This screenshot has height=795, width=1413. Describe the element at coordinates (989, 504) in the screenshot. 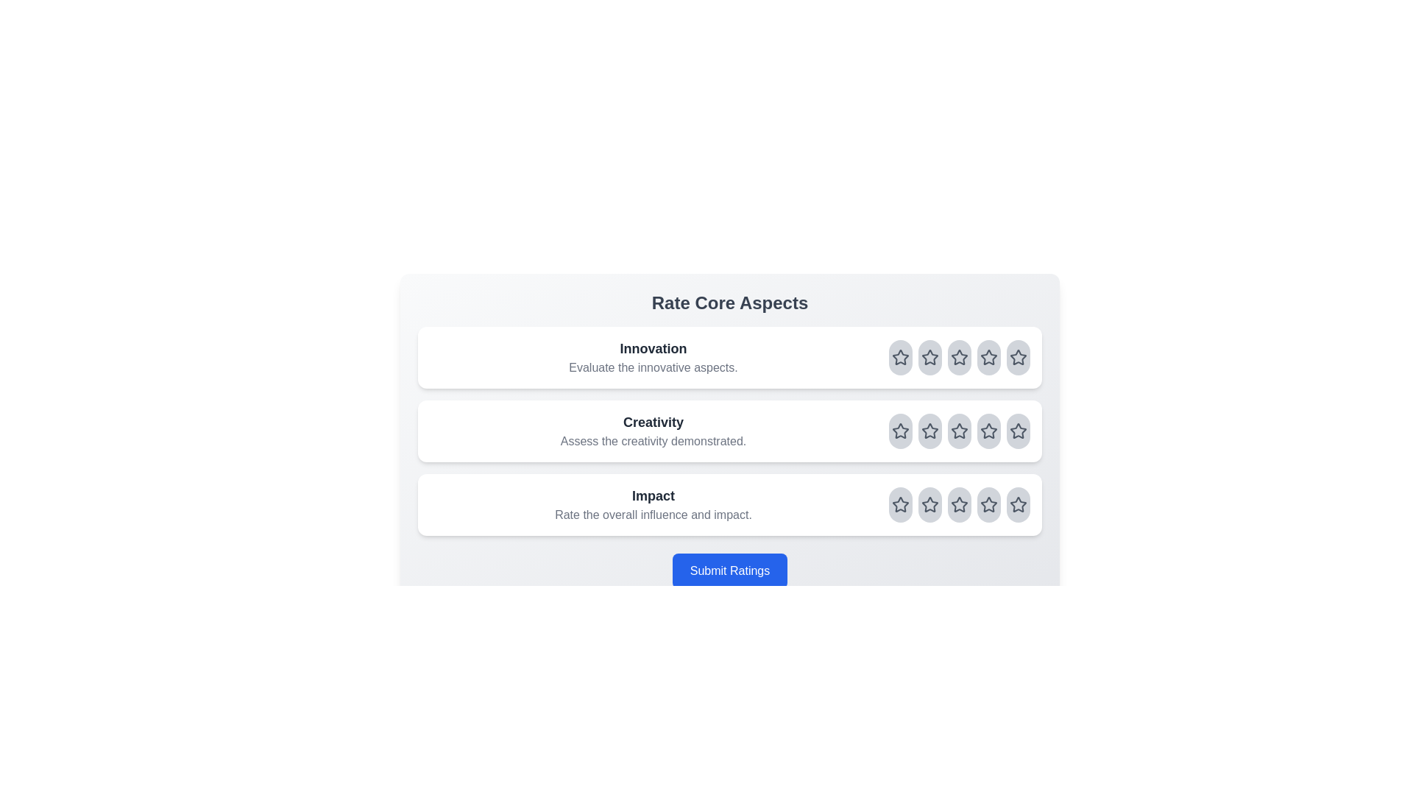

I see `the rating for the aspect Impact to 4 stars by clicking on the corresponding star` at that location.